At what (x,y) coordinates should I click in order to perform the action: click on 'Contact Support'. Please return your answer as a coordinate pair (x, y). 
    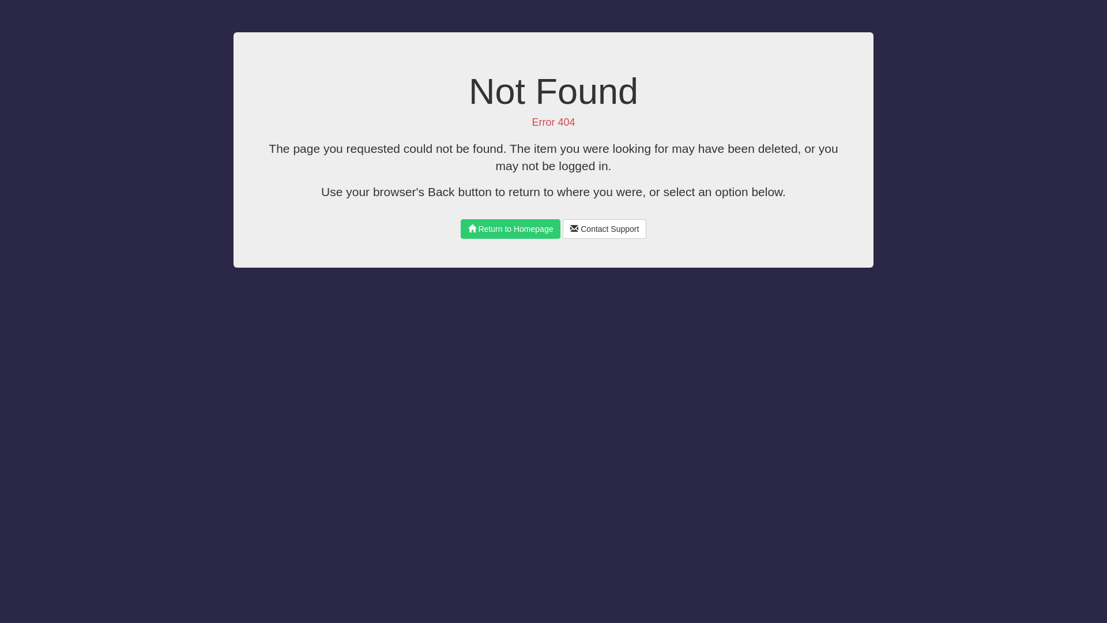
    Looking at the image, I should click on (604, 229).